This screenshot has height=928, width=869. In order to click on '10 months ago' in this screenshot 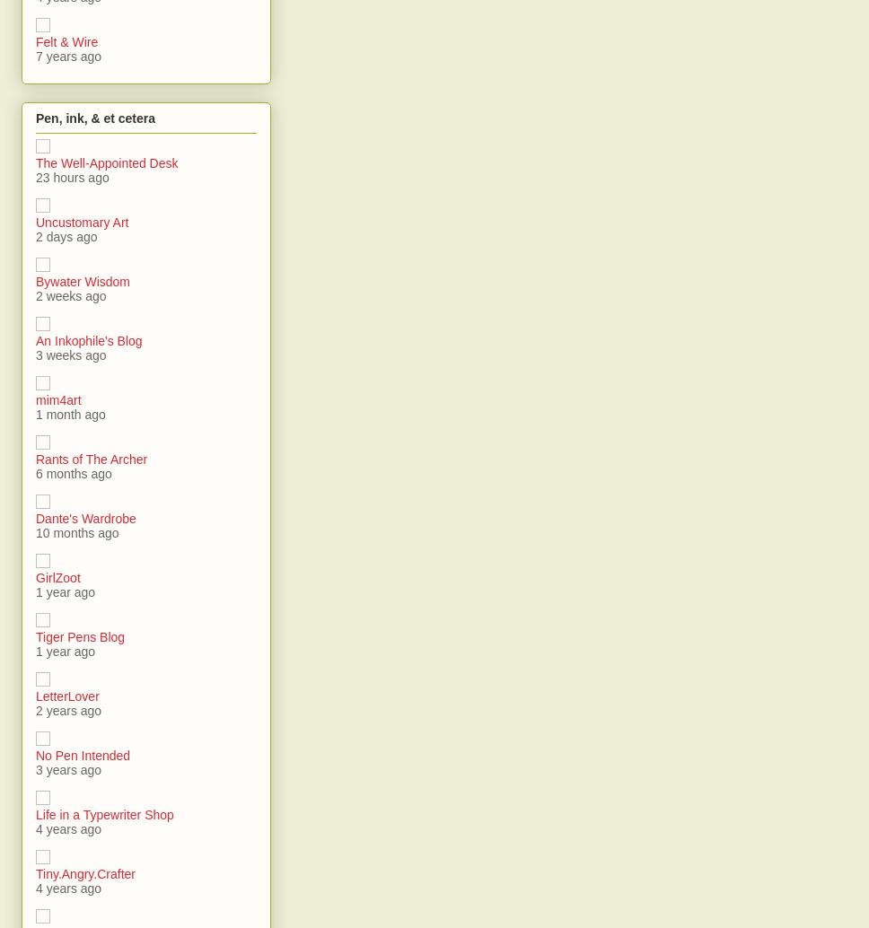, I will do `click(76, 531)`.